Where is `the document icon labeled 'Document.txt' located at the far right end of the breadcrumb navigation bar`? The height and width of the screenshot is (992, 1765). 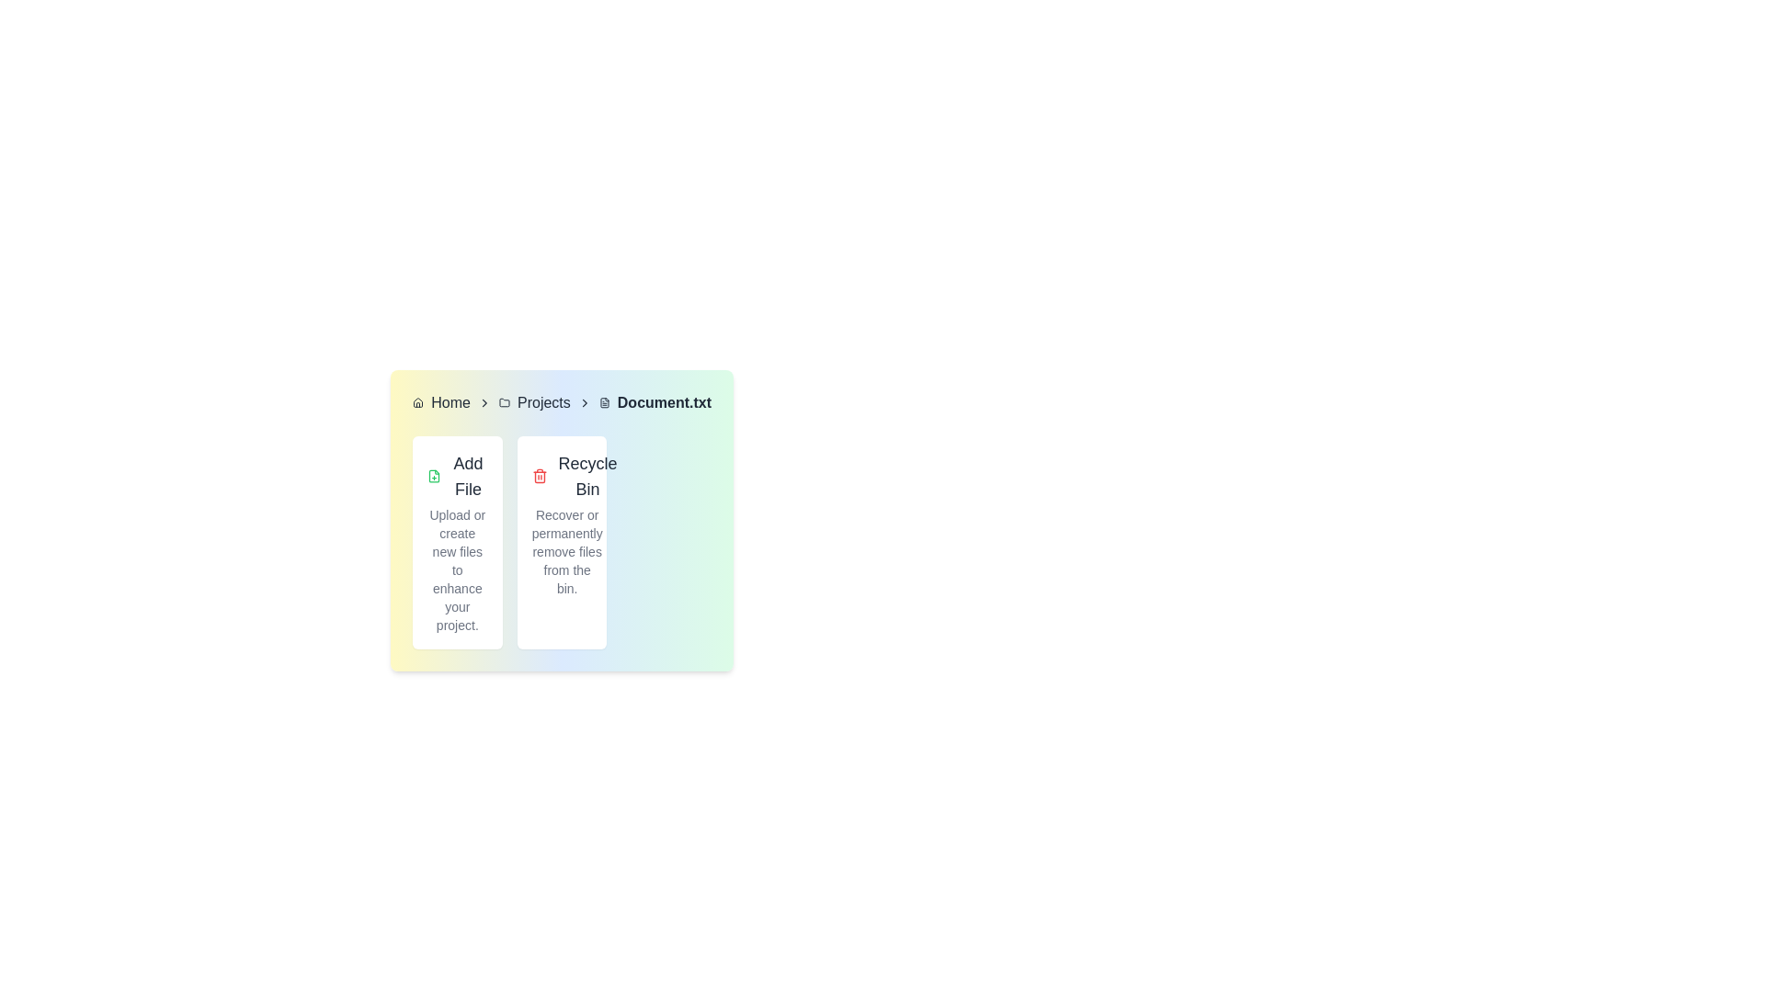 the document icon labeled 'Document.txt' located at the far right end of the breadcrumb navigation bar is located at coordinates (604, 402).